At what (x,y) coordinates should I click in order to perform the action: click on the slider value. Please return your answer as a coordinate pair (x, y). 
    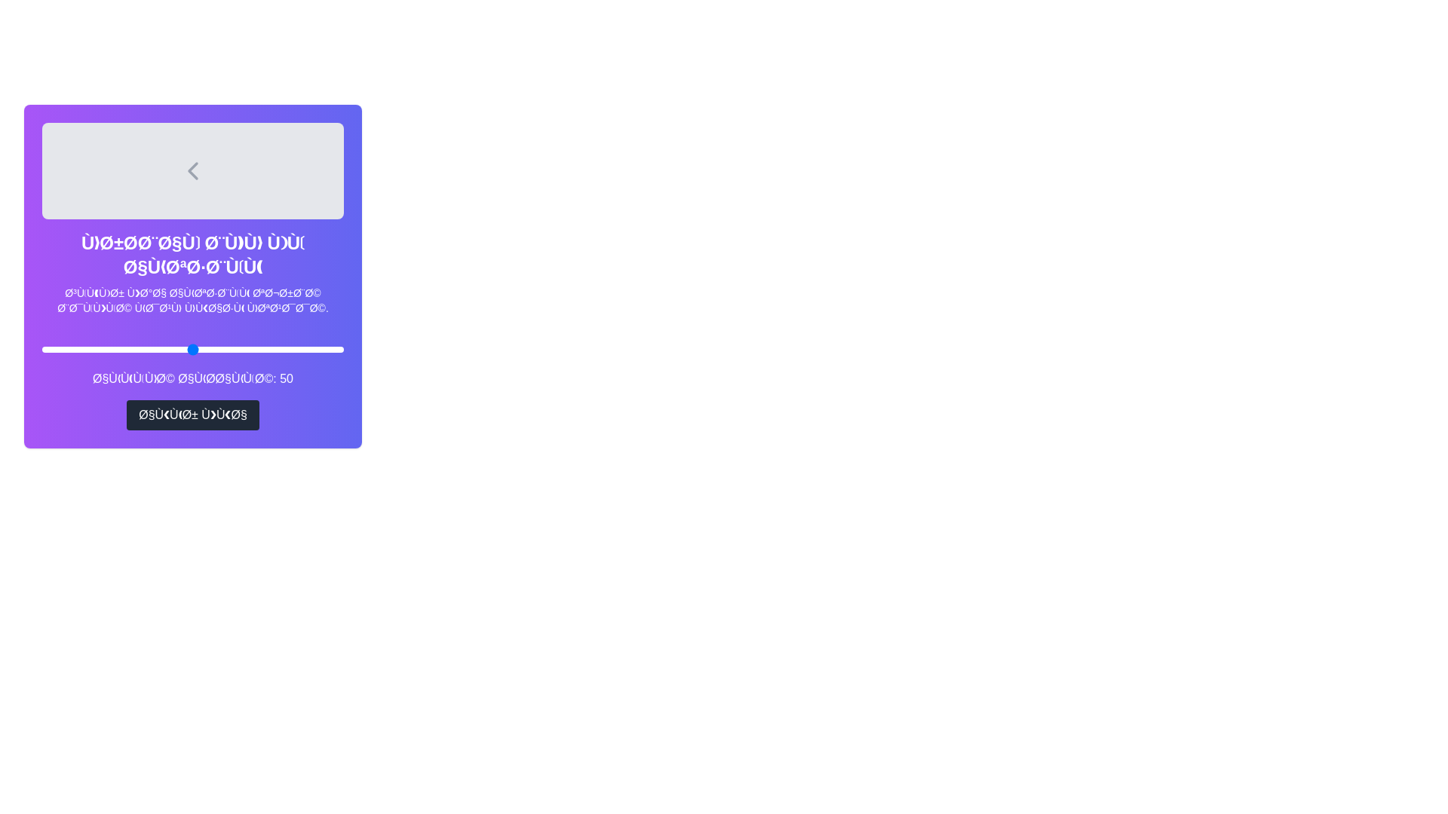
    Looking at the image, I should click on (310, 349).